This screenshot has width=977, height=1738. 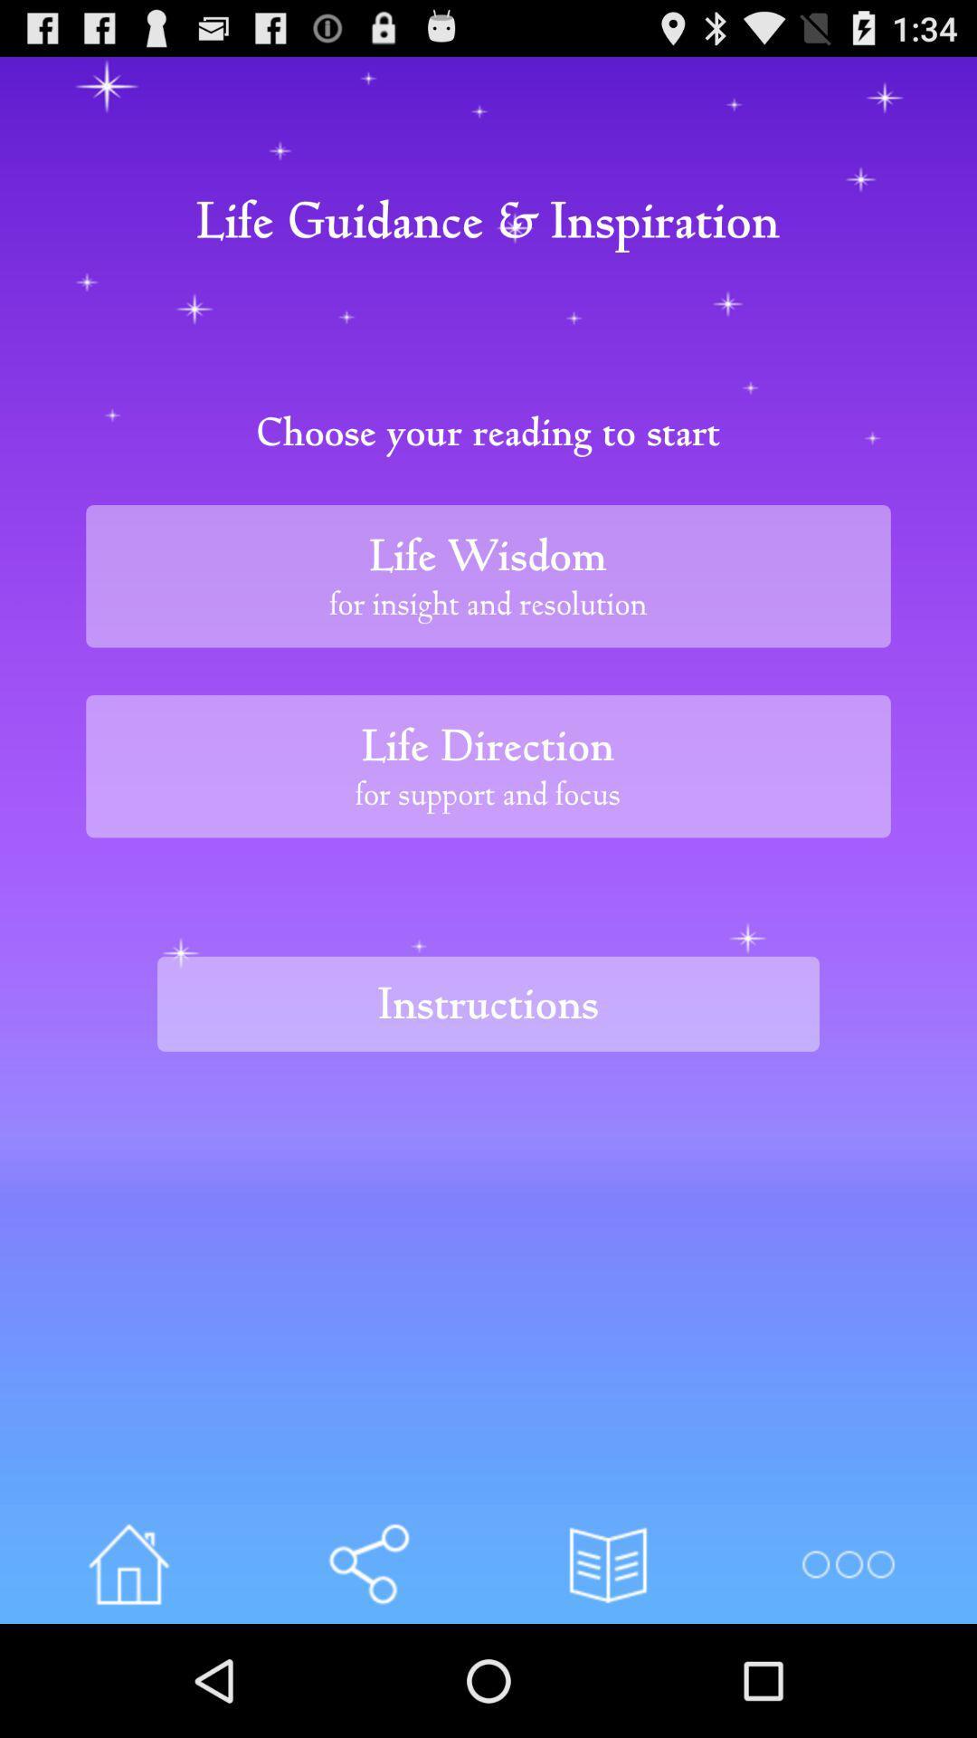 I want to click on the book icon, so click(x=608, y=1673).